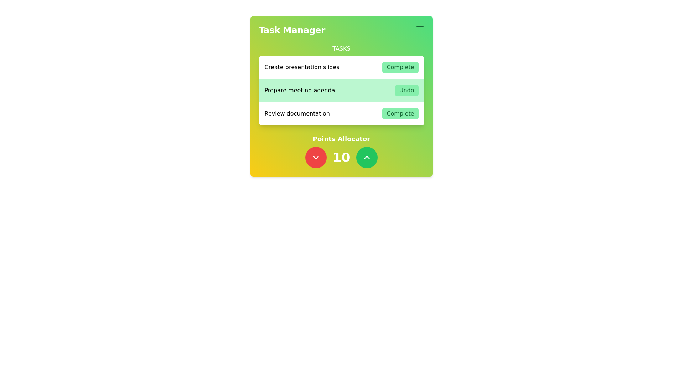 This screenshot has height=385, width=684. I want to click on displayed number '10' from the Interactive control panel titled 'Points Allocator', which is located below the 'Tasks' section in the 'Task Manager' panel, so click(341, 151).